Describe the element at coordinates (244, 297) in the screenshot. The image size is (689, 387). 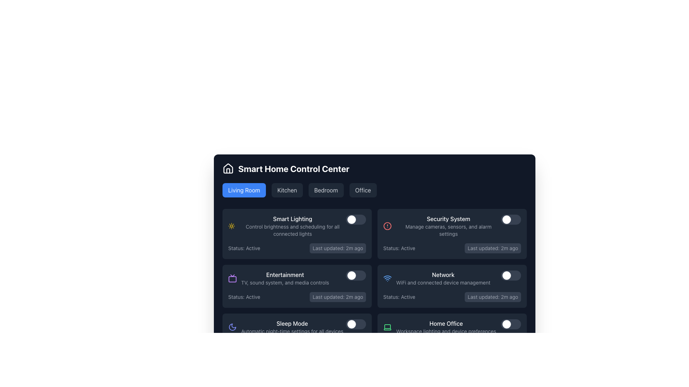
I see `the 'Status: Active' text label displayed in light gray within the 'Entertainment' card, located left of the 'Last updated: 2m ago' text` at that location.